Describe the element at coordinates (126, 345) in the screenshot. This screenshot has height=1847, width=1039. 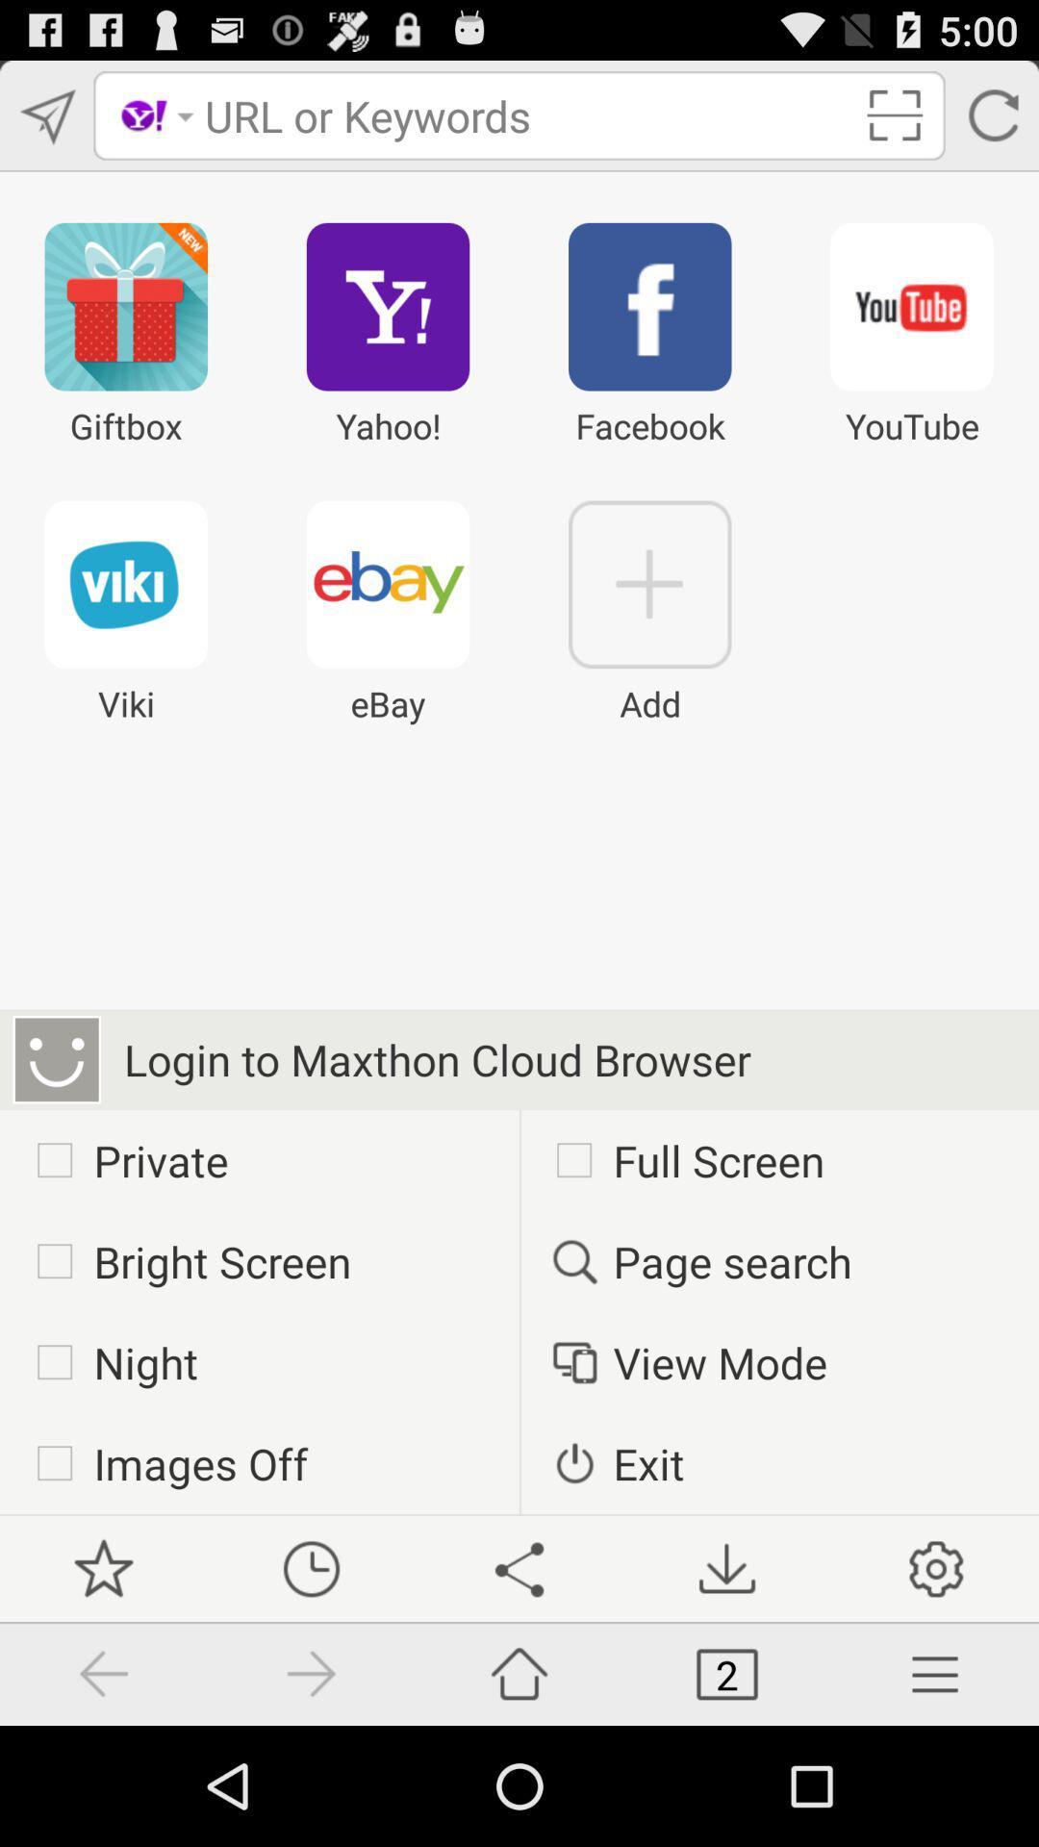
I see `the gift icon` at that location.